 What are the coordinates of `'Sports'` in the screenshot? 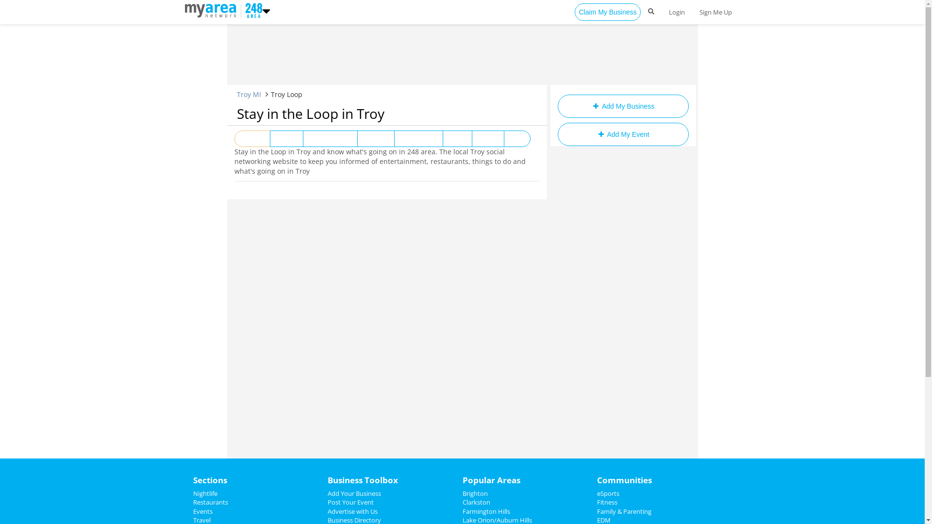 It's located at (471, 138).